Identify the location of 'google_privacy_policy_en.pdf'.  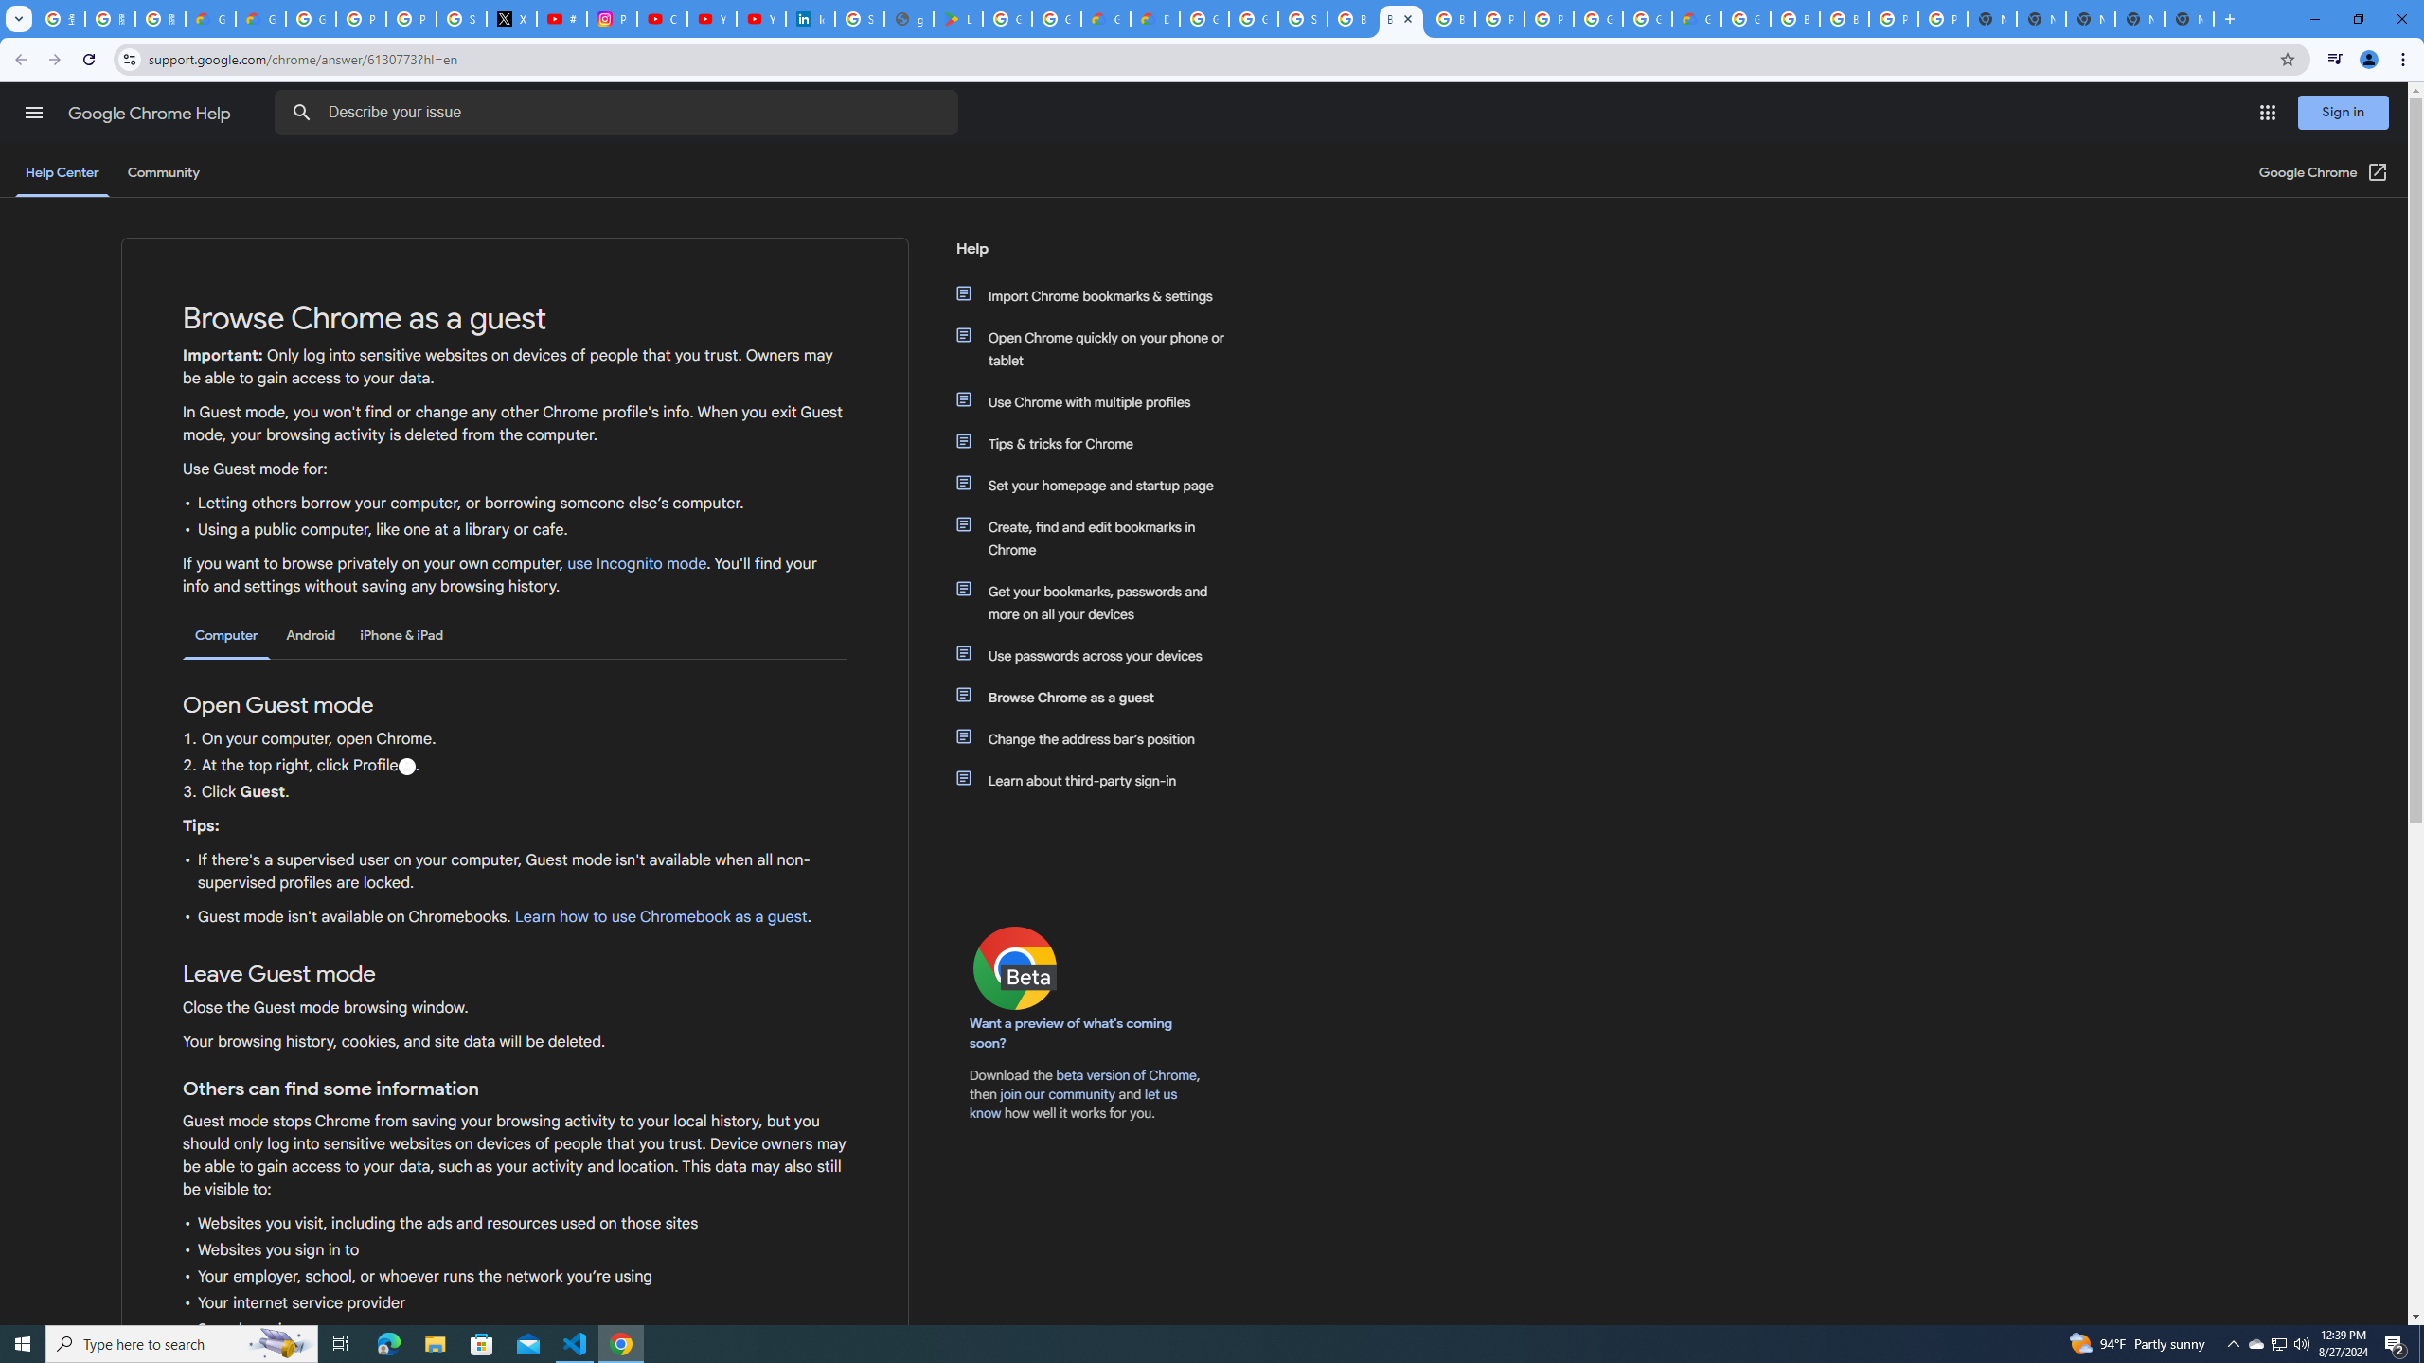
(908, 18).